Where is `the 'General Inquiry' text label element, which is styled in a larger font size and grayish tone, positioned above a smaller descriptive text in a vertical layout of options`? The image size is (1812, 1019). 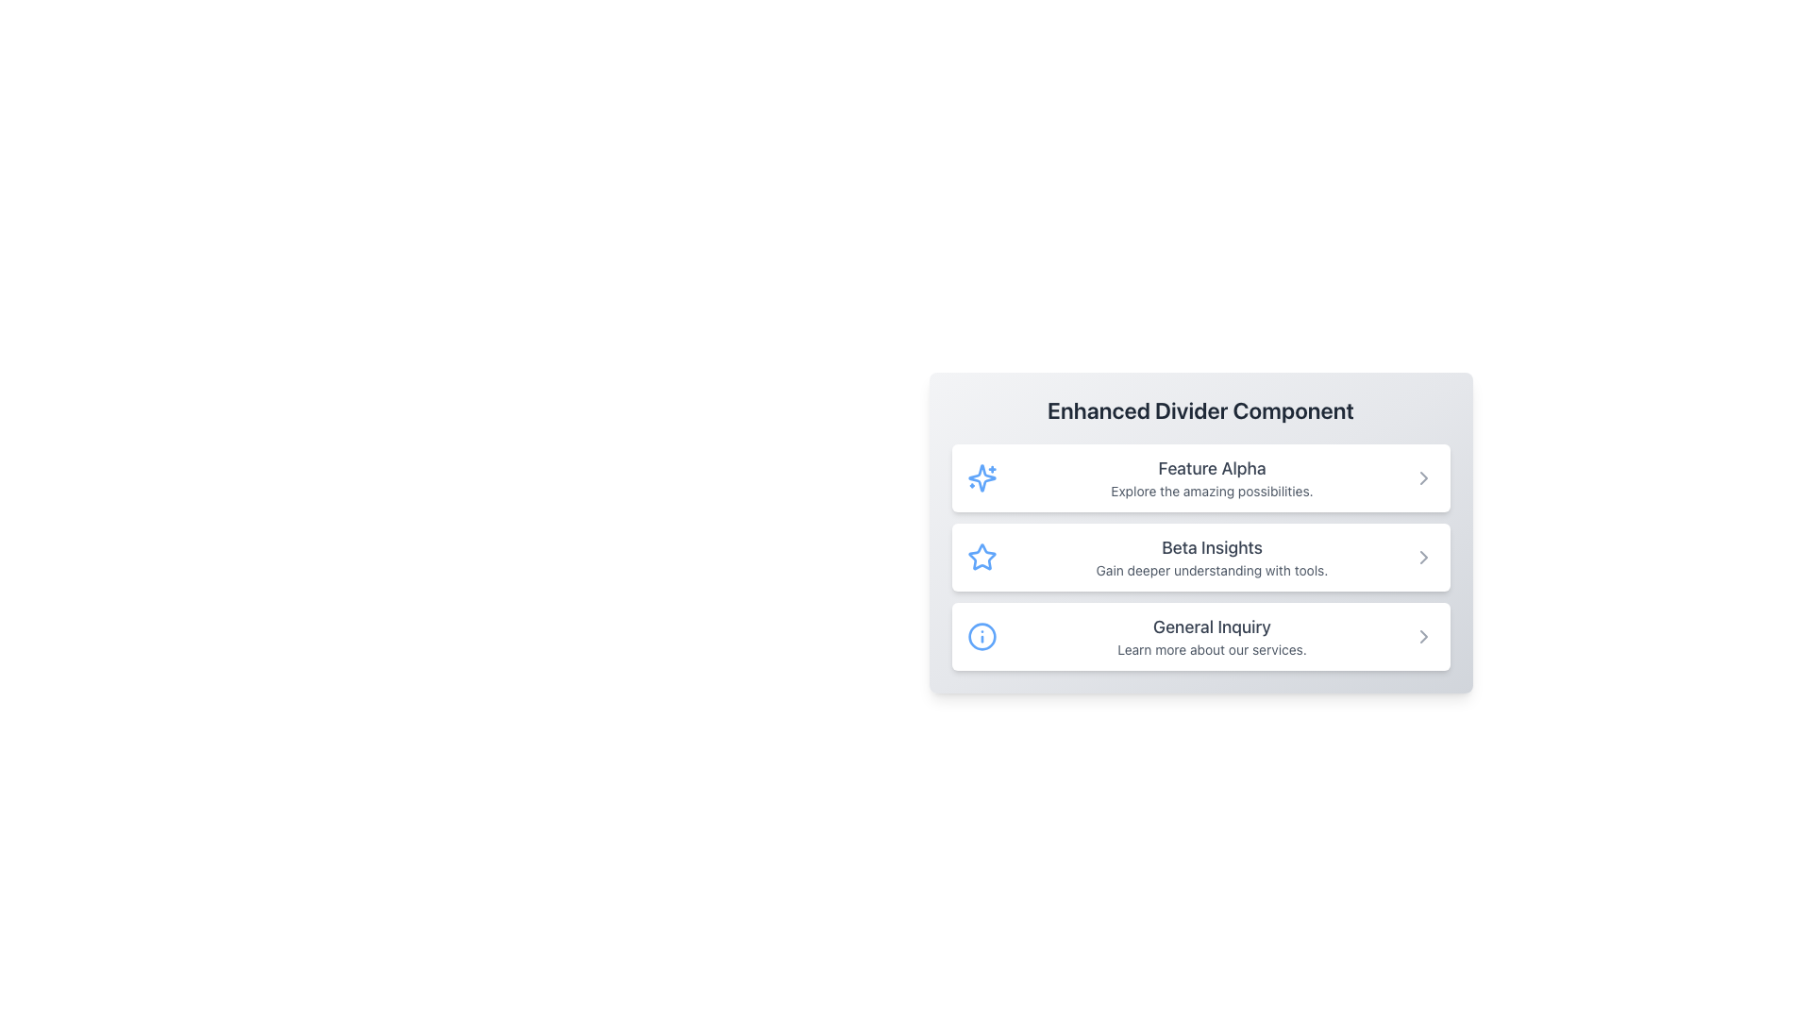
the 'General Inquiry' text label element, which is styled in a larger font size and grayish tone, positioned above a smaller descriptive text in a vertical layout of options is located at coordinates (1212, 626).